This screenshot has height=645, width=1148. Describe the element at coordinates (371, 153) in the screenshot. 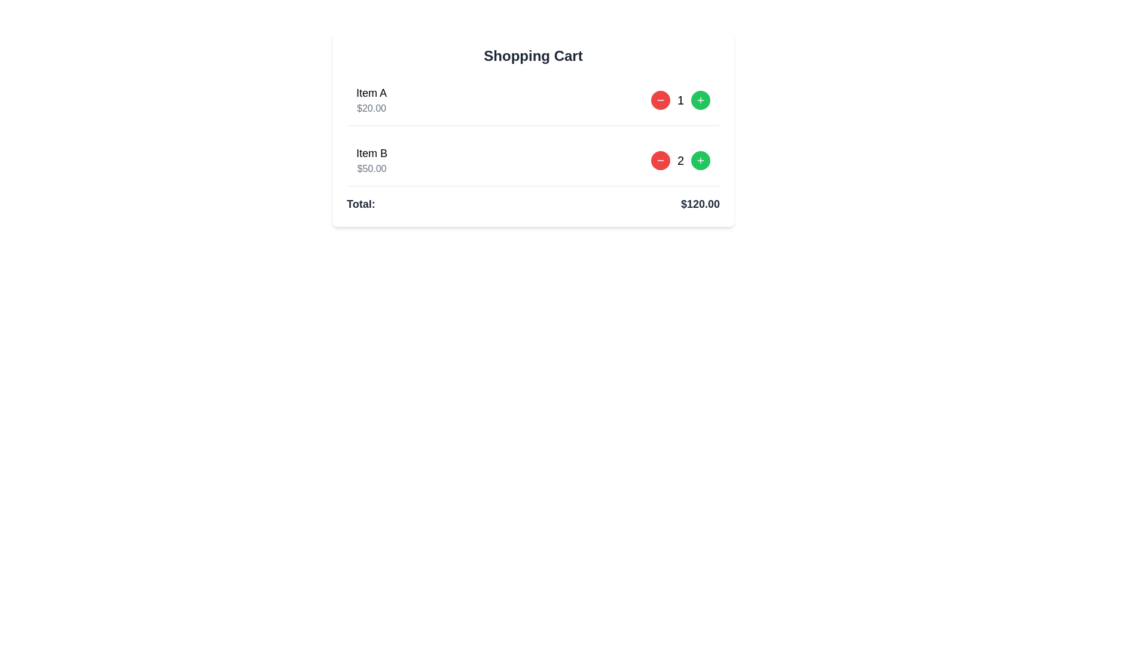

I see `the static text label 'Item B' which is styled in a larger font size and bold weight, located above the price text '$50.00' in the shopping cart interface` at that location.